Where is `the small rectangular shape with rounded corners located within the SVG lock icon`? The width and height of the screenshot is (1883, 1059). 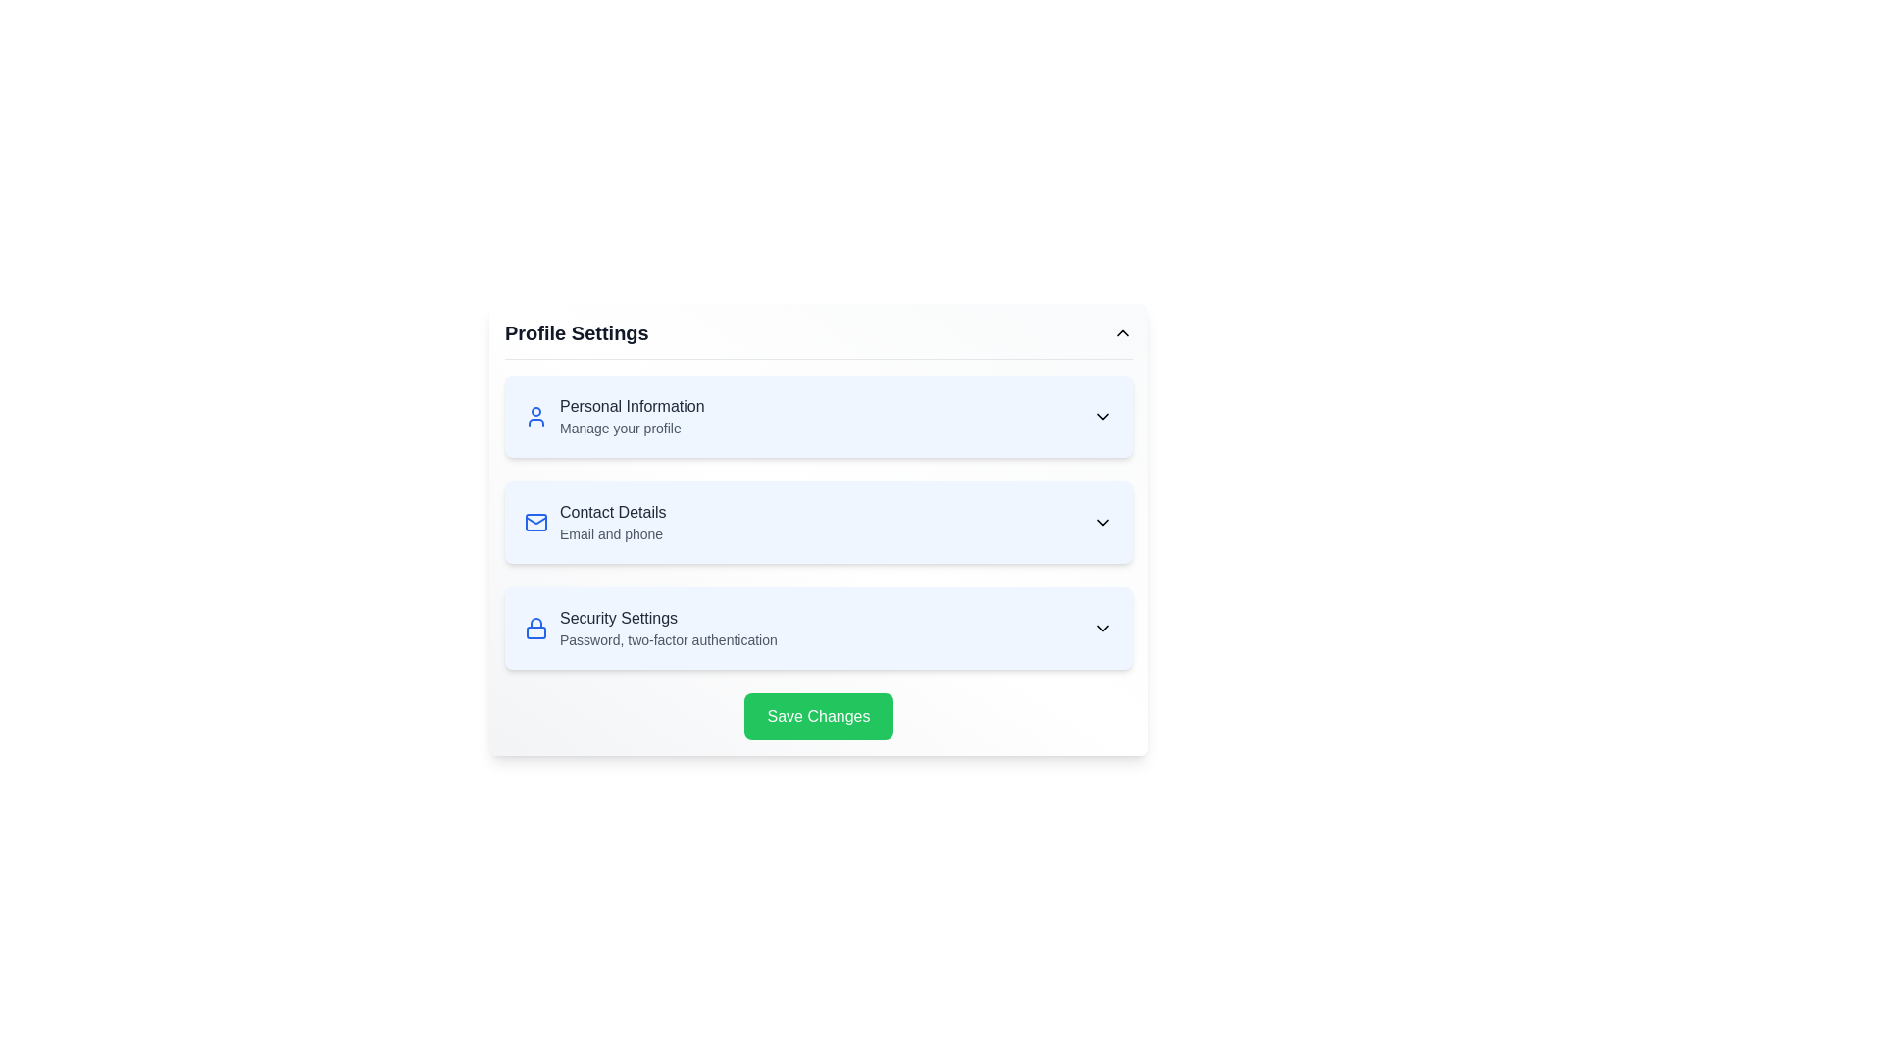 the small rectangular shape with rounded corners located within the SVG lock icon is located at coordinates (536, 632).